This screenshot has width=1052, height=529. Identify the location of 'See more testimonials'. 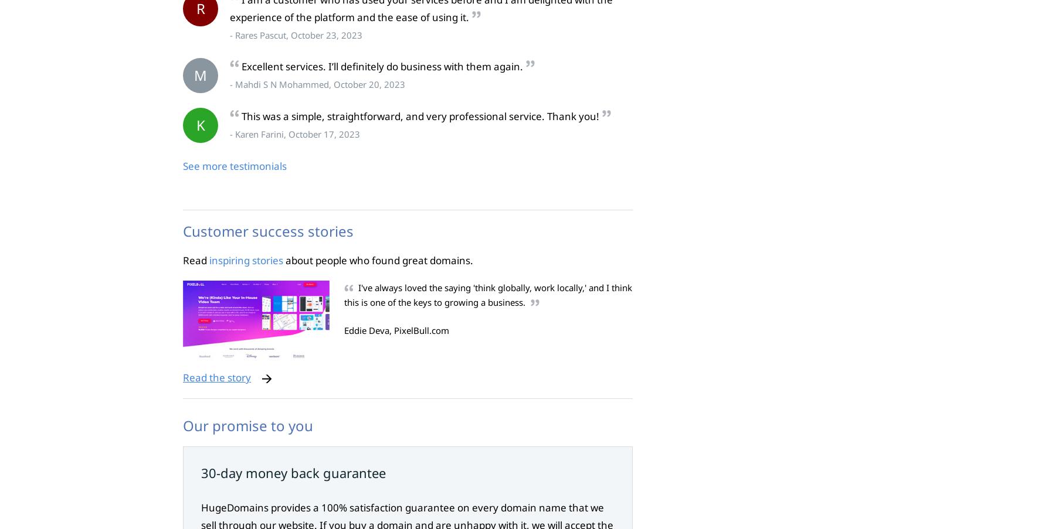
(182, 165).